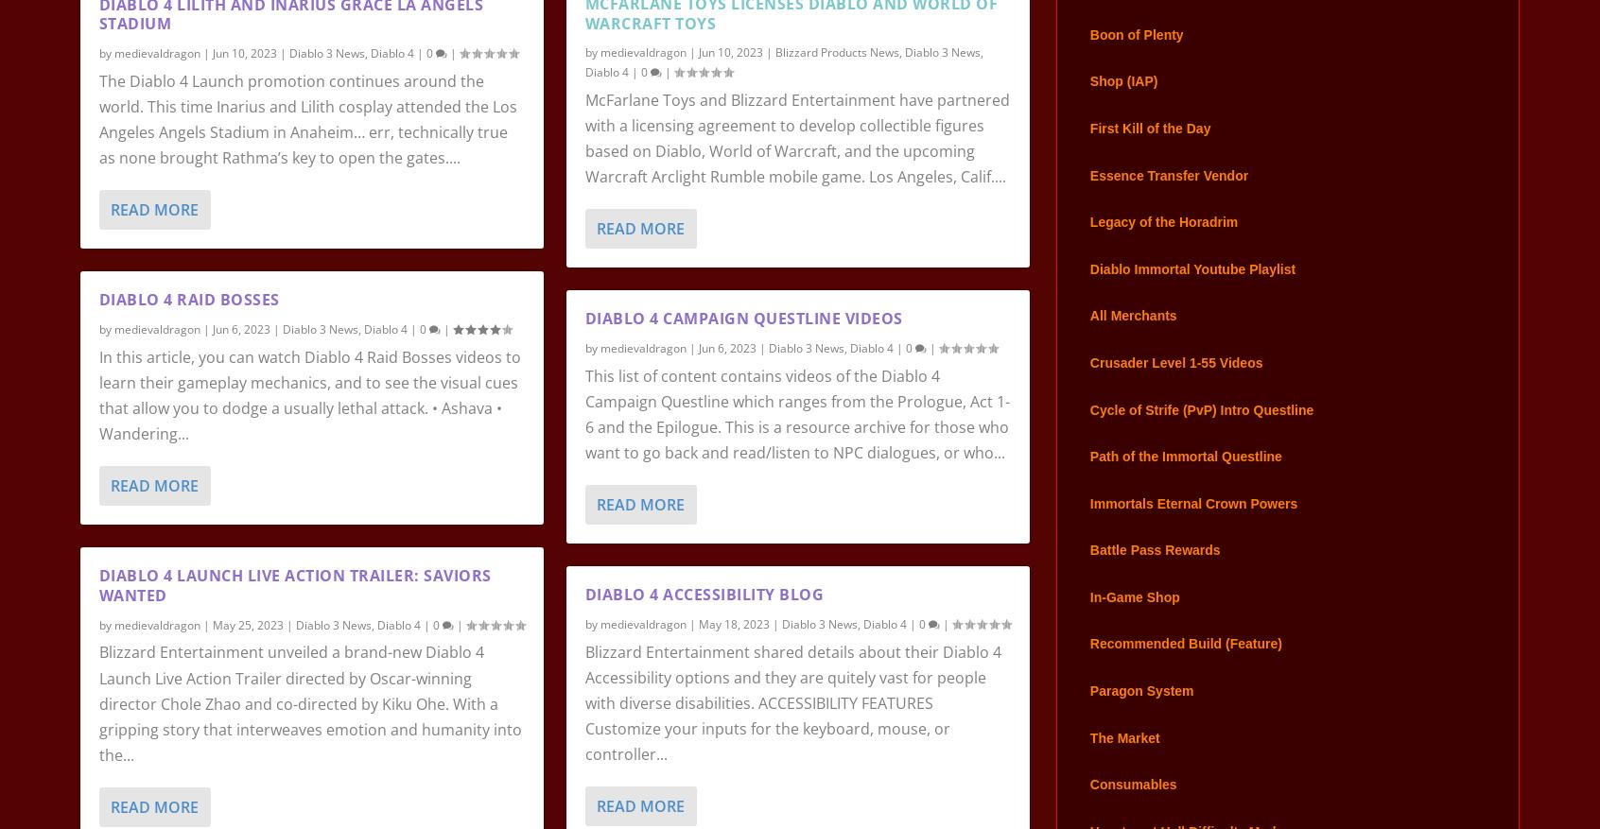 The image size is (1600, 829). What do you see at coordinates (1175, 387) in the screenshot?
I see `'Crusader Level 1-55 Videos'` at bounding box center [1175, 387].